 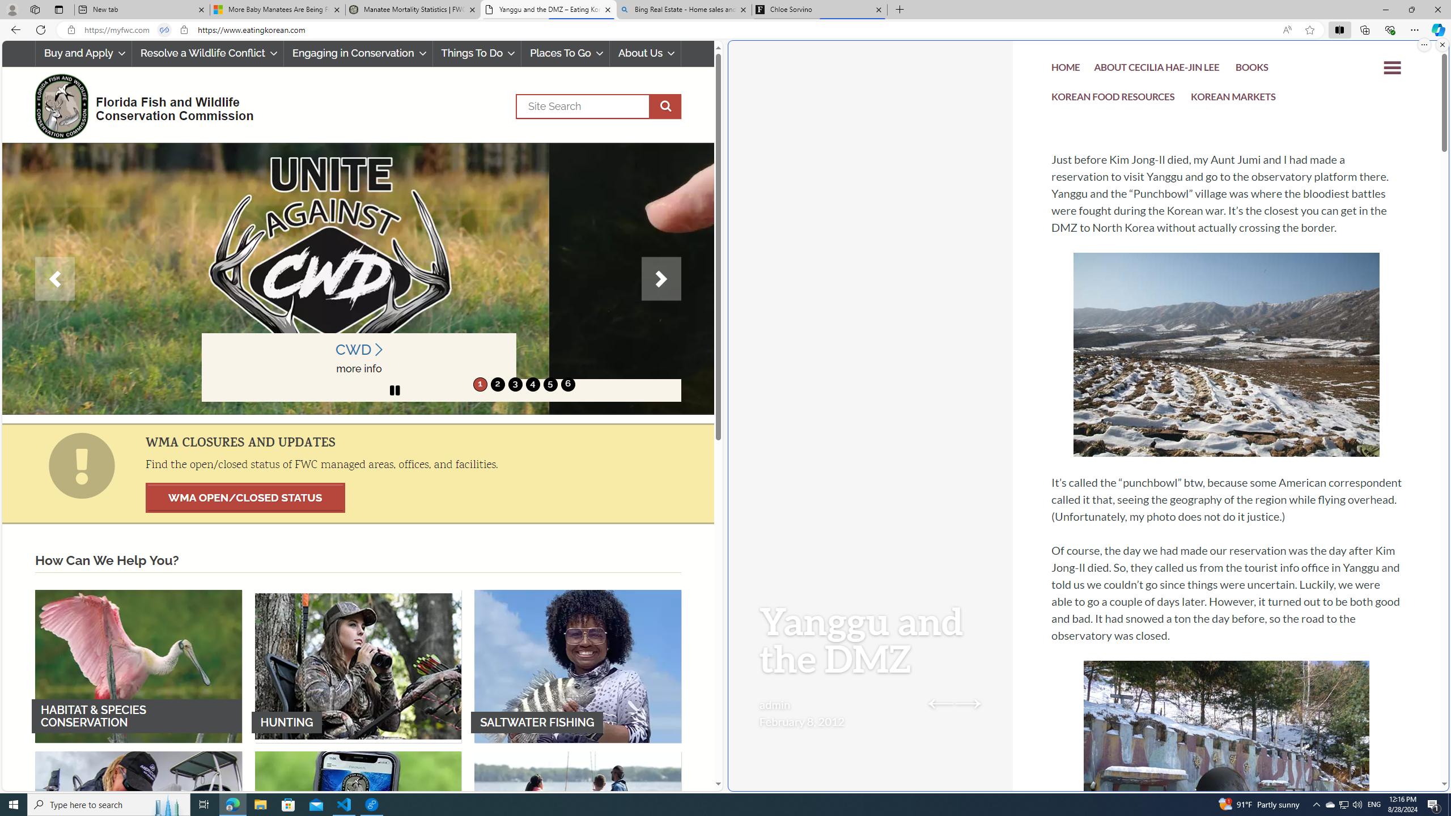 What do you see at coordinates (1157, 69) in the screenshot?
I see `'ABOUT CECILIA HAE-JIN LEE'` at bounding box center [1157, 69].